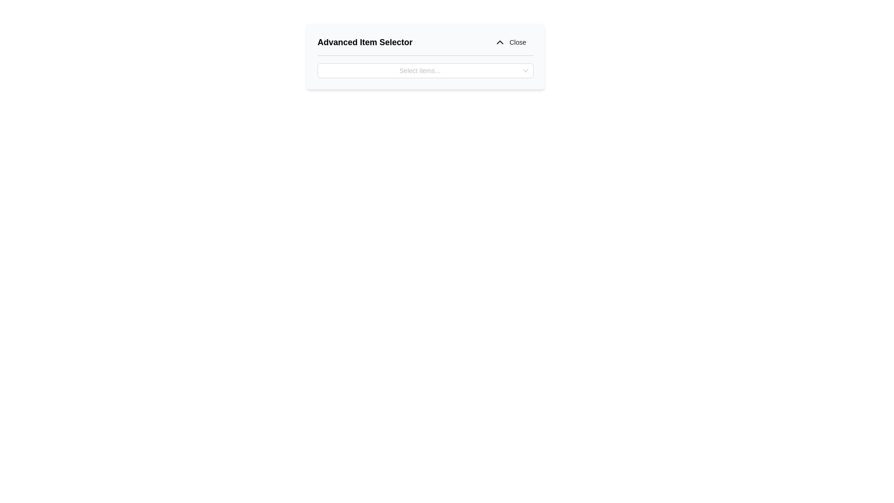 Image resolution: width=894 pixels, height=503 pixels. I want to click on 'Advanced Item Selector' text label positioned at the top-left of the panel, which is bold and styled with a larger font size, so click(365, 42).